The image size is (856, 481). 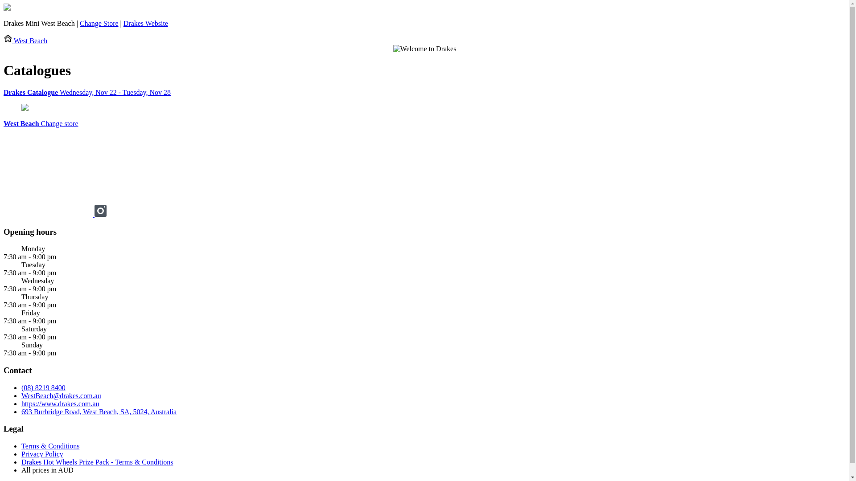 I want to click on 'West Beach', so click(x=25, y=41).